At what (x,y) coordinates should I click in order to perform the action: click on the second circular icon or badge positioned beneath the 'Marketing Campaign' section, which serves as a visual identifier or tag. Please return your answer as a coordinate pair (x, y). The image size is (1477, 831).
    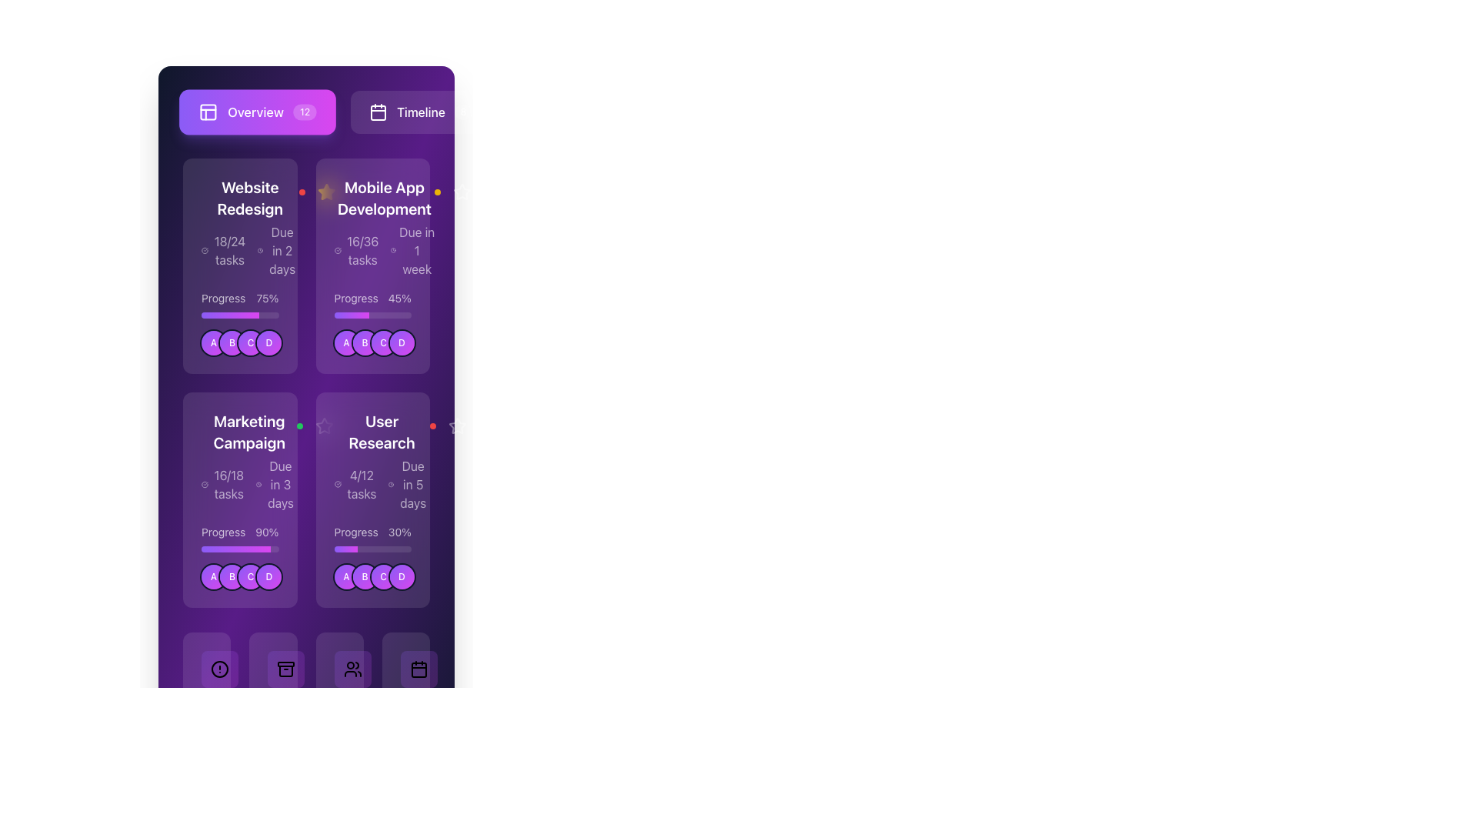
    Looking at the image, I should click on (232, 576).